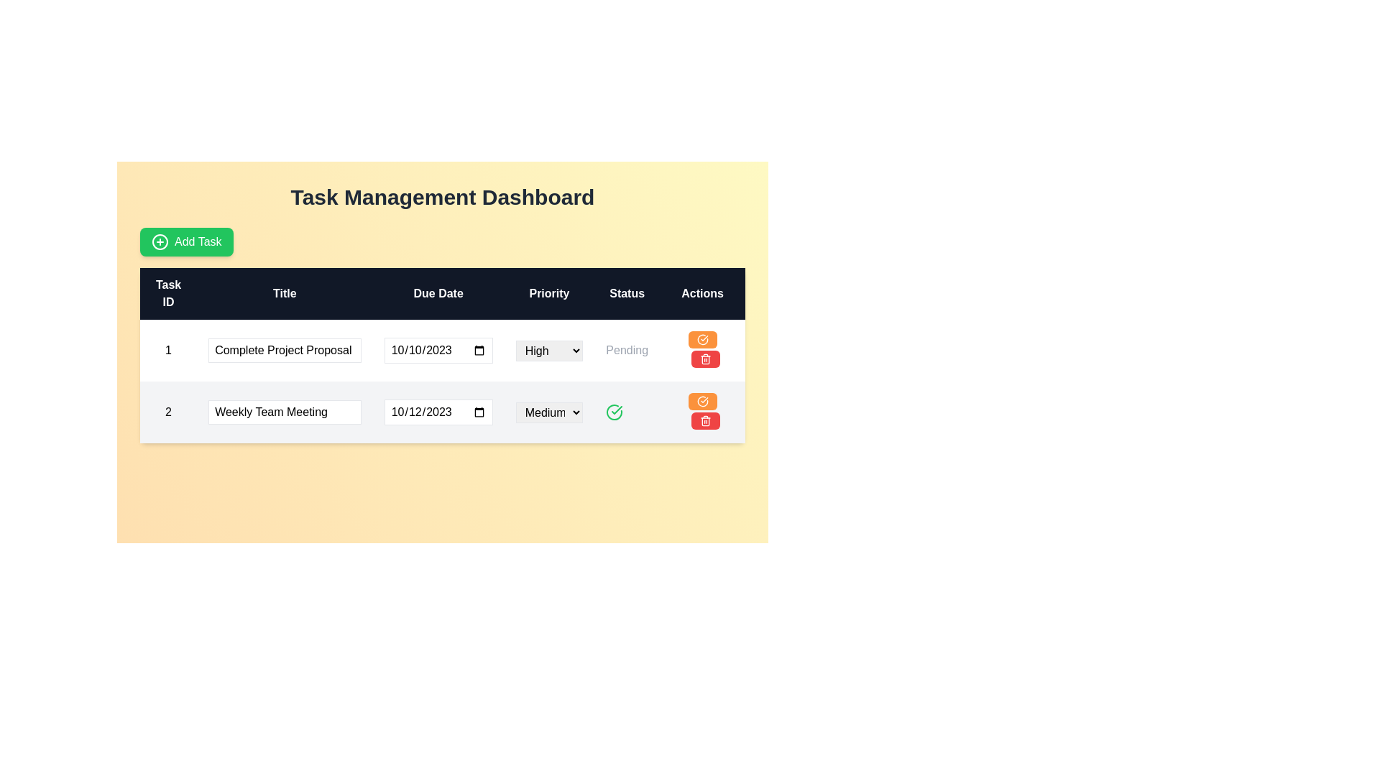 The width and height of the screenshot is (1380, 776). Describe the element at coordinates (548, 412) in the screenshot. I see `the dropdown menu labeled 'Medium' in the 'Priority' column of the task management table` at that location.